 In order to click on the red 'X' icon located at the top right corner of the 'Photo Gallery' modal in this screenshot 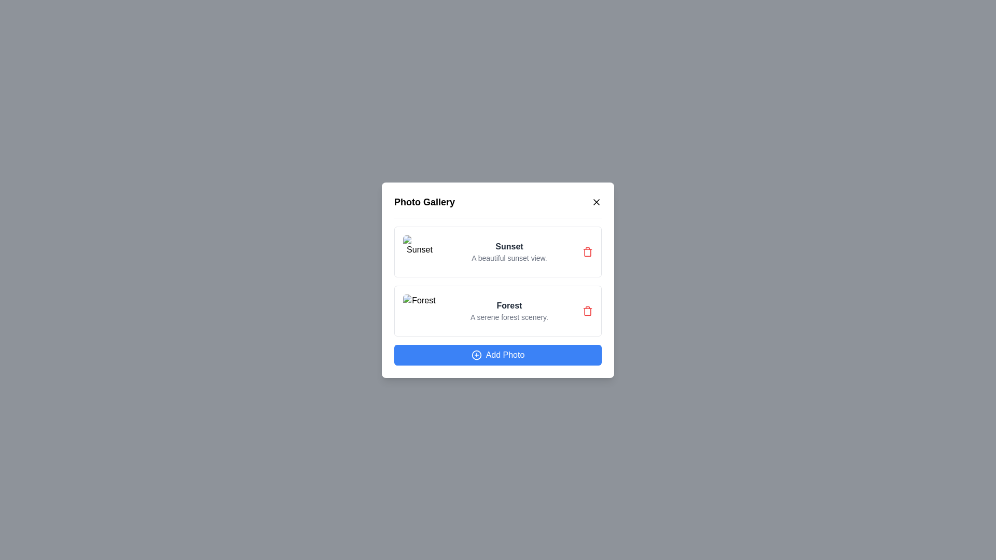, I will do `click(597, 202)`.